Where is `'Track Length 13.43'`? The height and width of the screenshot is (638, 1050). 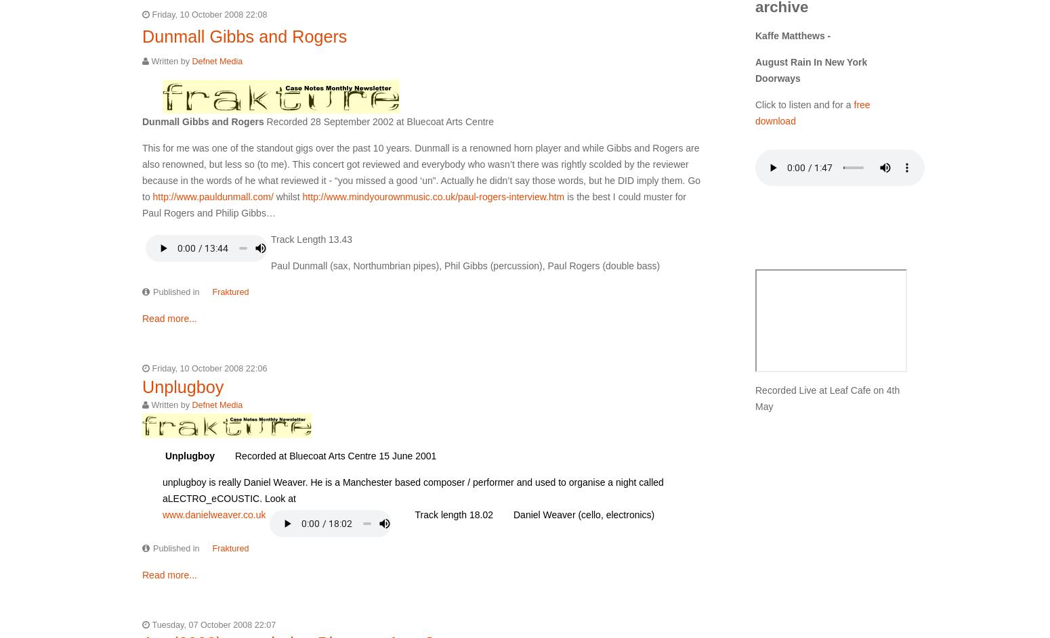
'Track Length 13.43' is located at coordinates (312, 240).